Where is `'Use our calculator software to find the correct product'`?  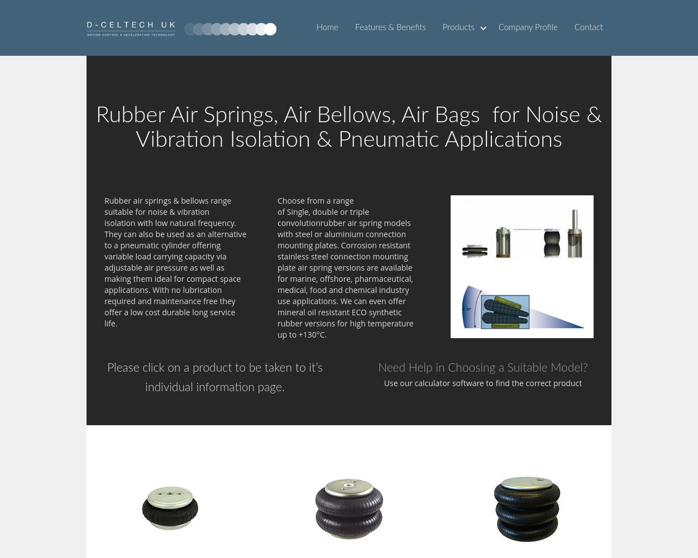 'Use our calculator software to find the correct product' is located at coordinates (482, 383).